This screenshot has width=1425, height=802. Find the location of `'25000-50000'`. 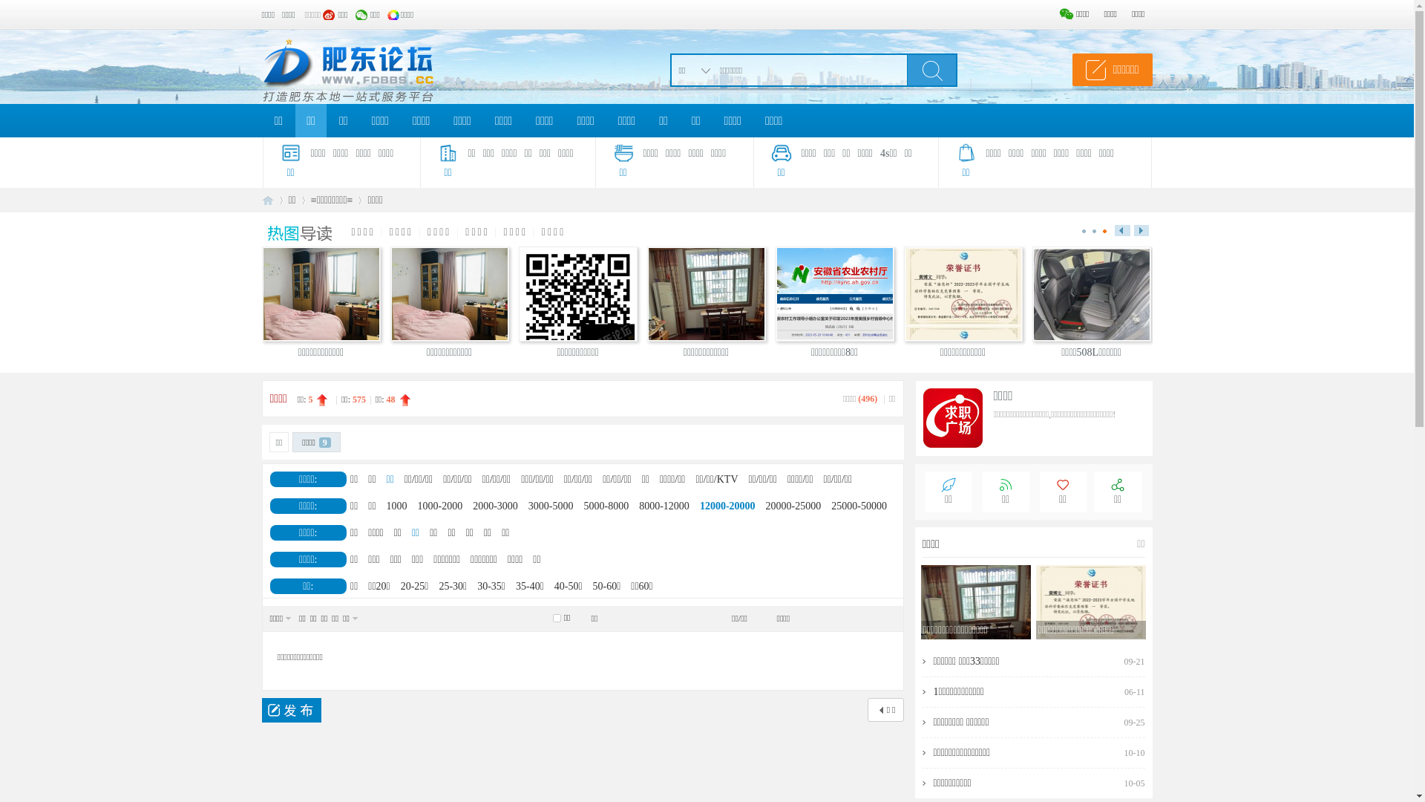

'25000-50000' is located at coordinates (859, 505).